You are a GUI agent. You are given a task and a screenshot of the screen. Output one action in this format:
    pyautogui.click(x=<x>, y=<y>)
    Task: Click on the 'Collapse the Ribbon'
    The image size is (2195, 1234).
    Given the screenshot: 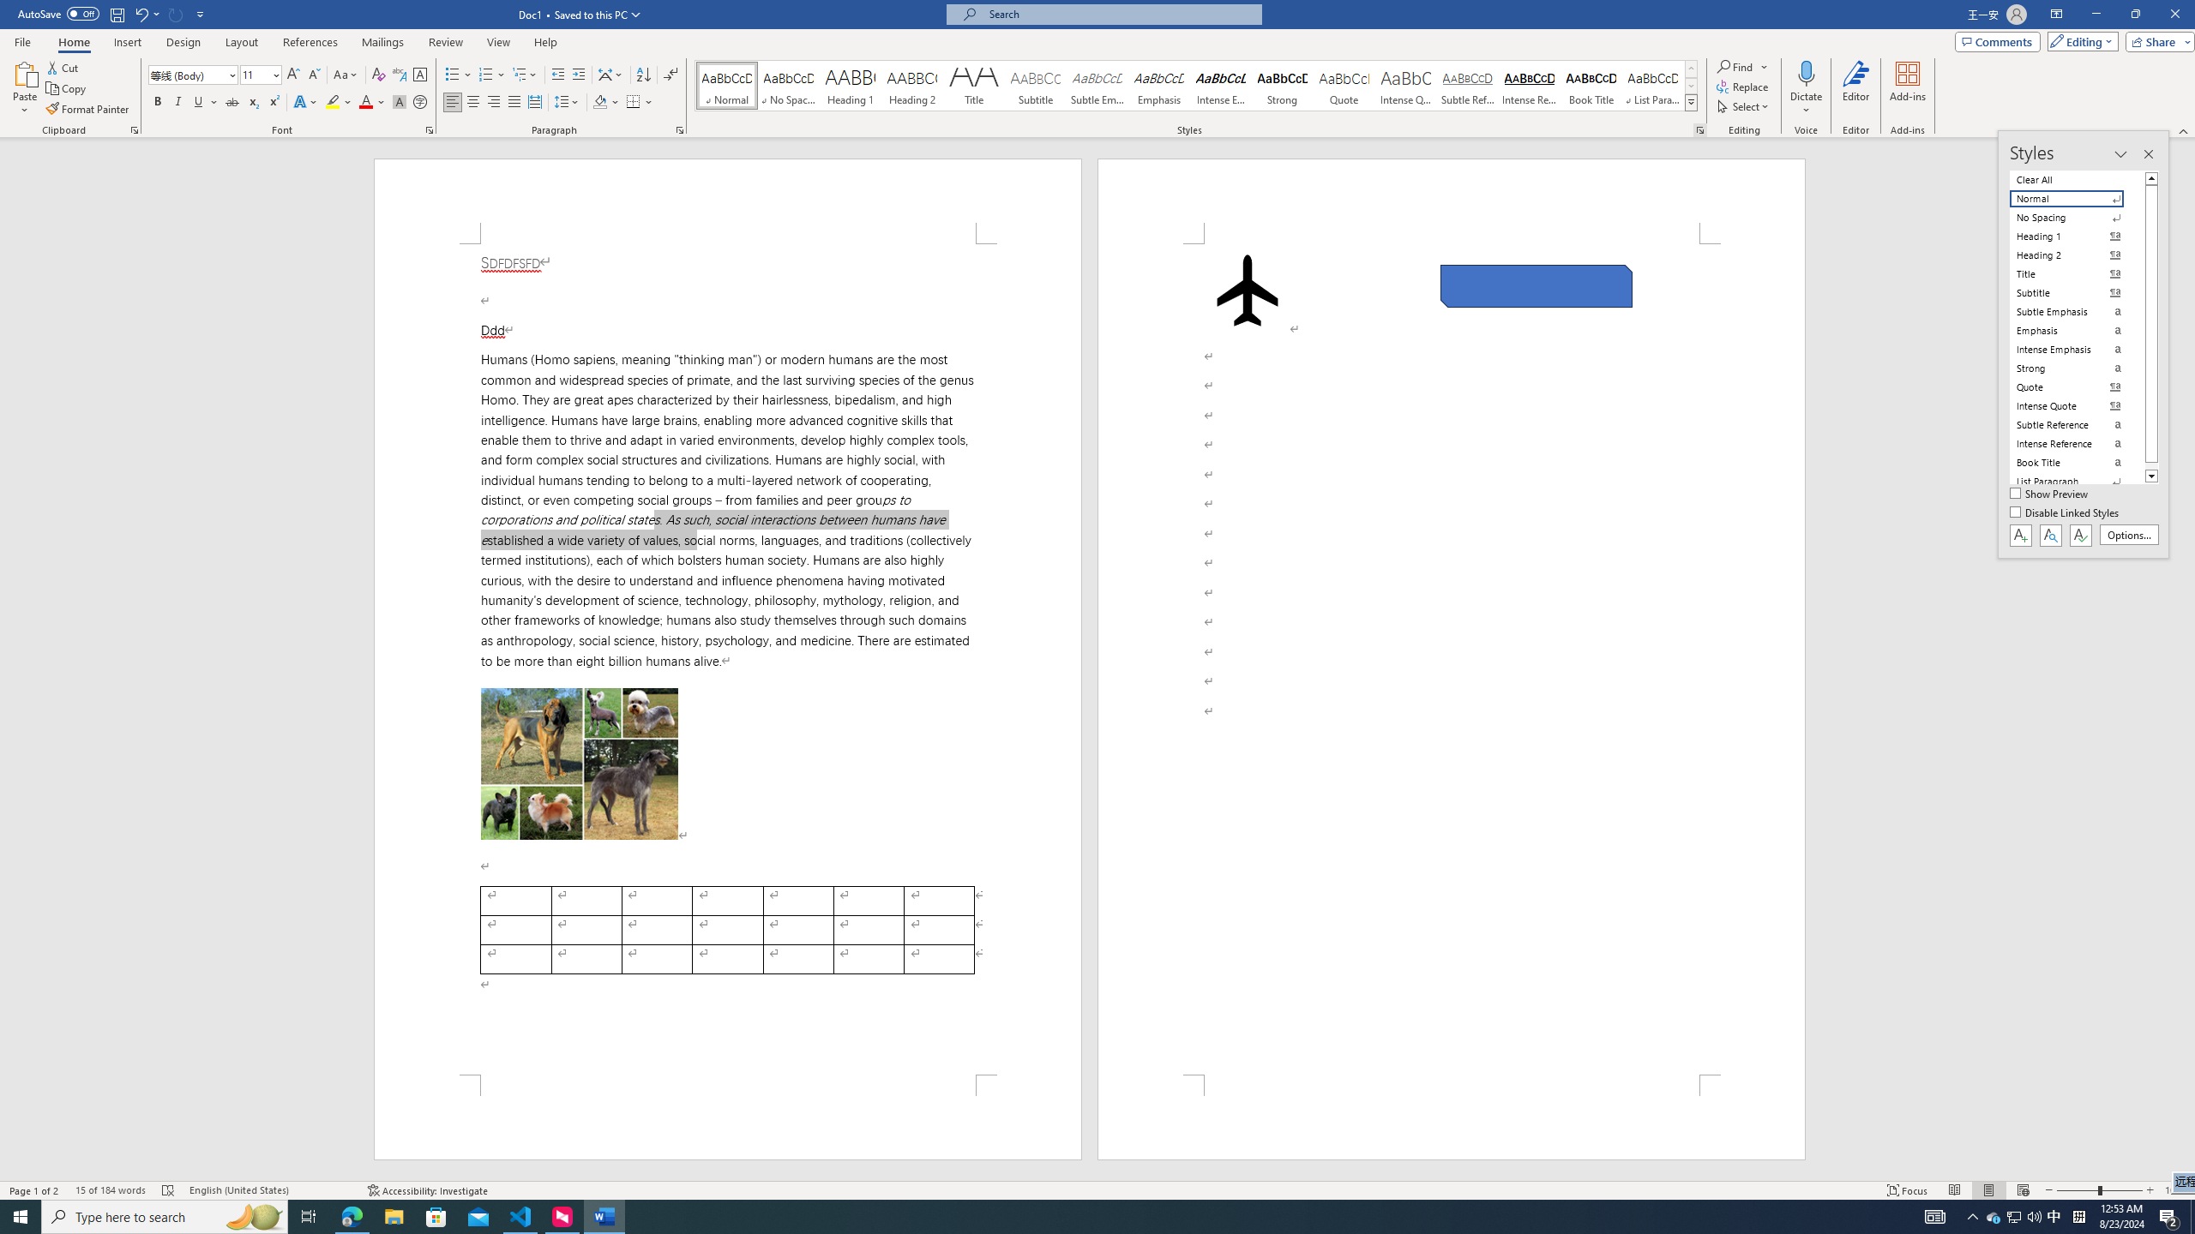 What is the action you would take?
    pyautogui.click(x=2184, y=131)
    